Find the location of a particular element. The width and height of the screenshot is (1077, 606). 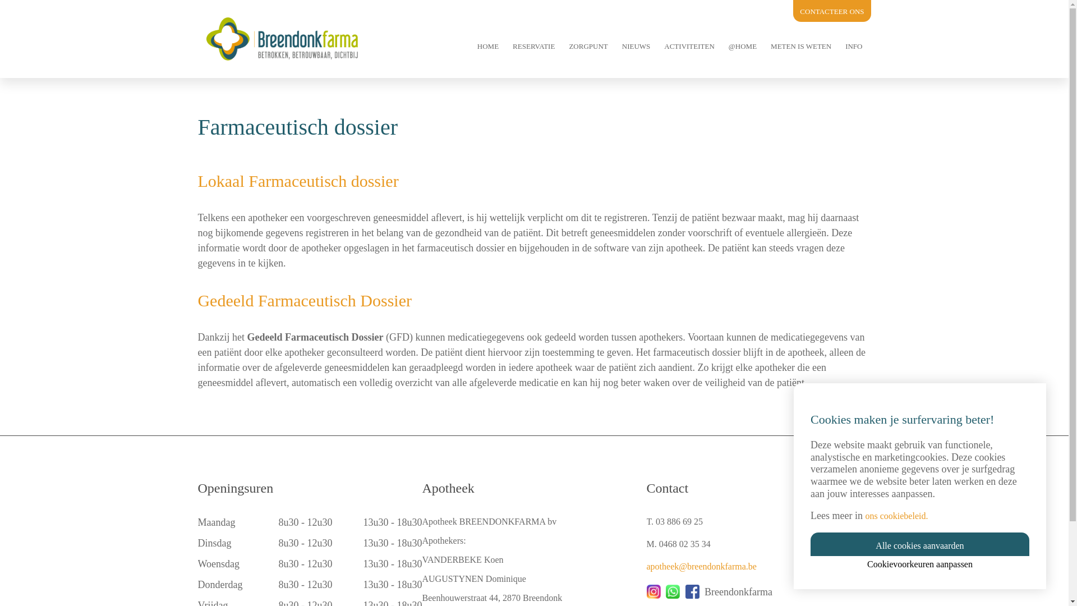

'M. 0468 02 35 34' is located at coordinates (678, 543).